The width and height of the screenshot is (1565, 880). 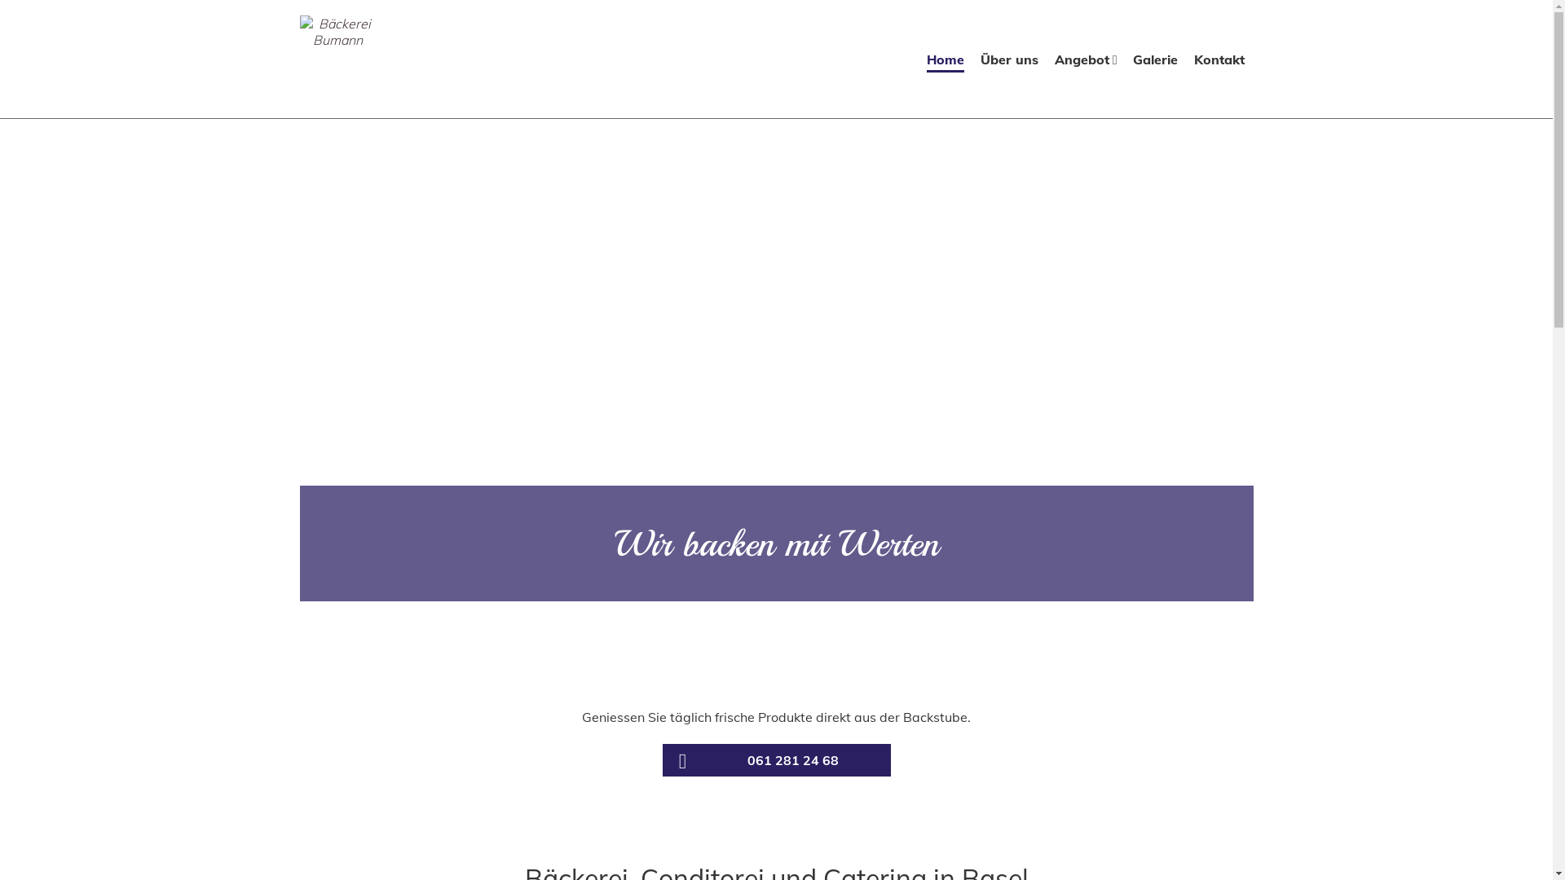 I want to click on 'Kontakt', so click(x=1219, y=61).